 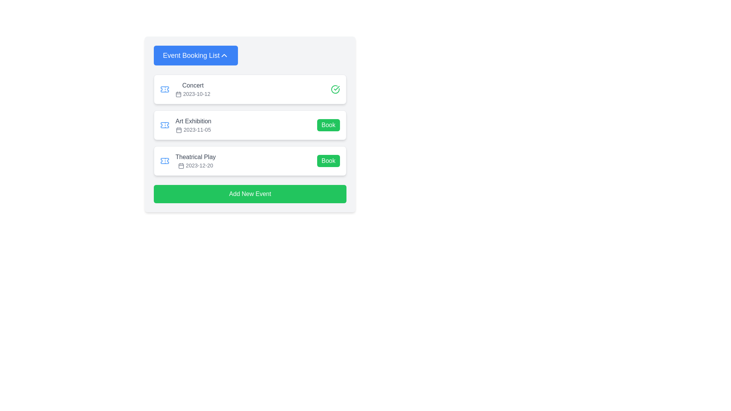 What do you see at coordinates (335, 89) in the screenshot?
I see `the green checkmark SVG icon located to the right of the text 'Concert' in the top entry of listed events, indicating a confirmation or success state` at bounding box center [335, 89].